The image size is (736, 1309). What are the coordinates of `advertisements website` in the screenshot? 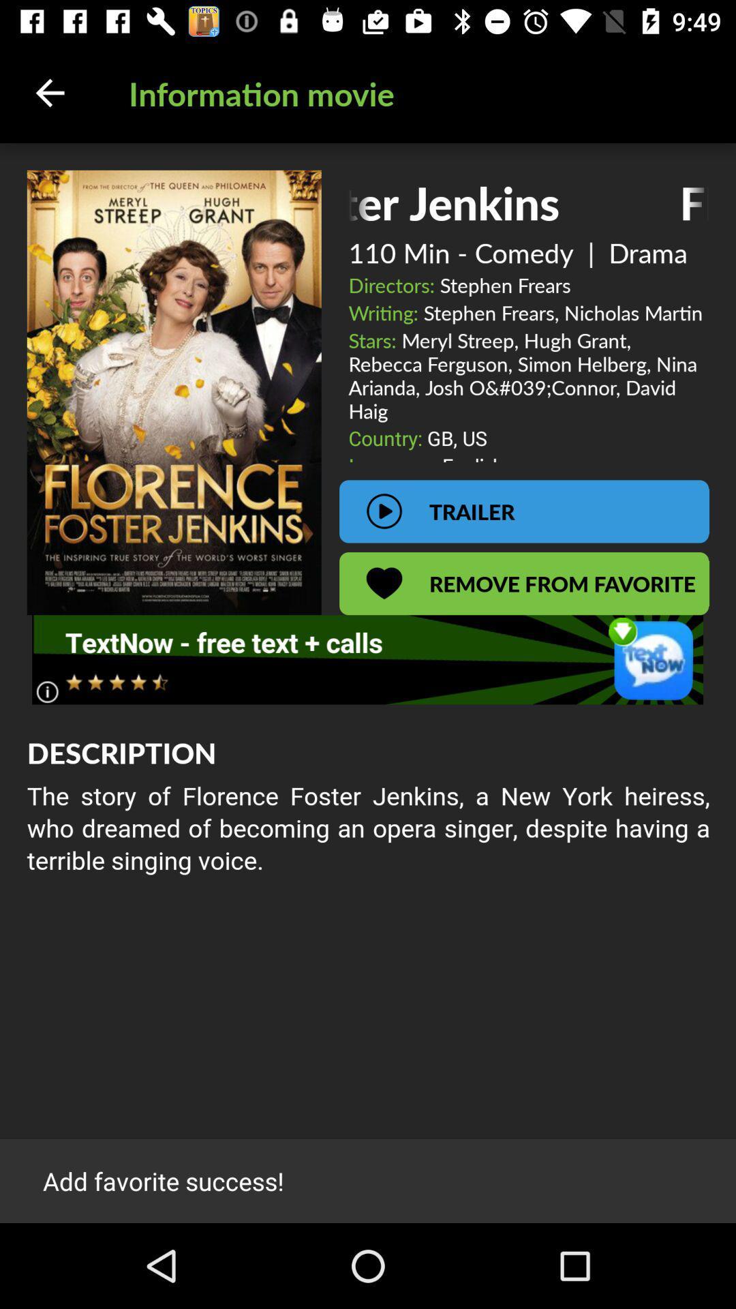 It's located at (367, 659).